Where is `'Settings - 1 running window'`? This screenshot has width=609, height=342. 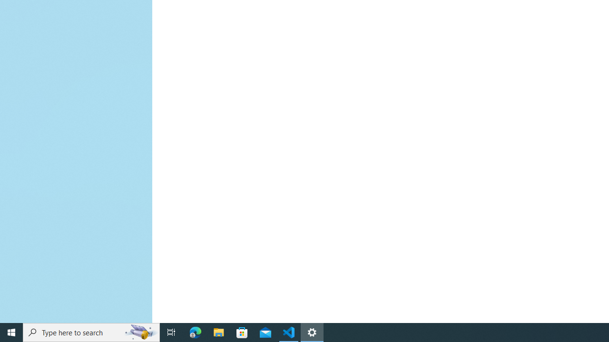
'Settings - 1 running window' is located at coordinates (312, 332).